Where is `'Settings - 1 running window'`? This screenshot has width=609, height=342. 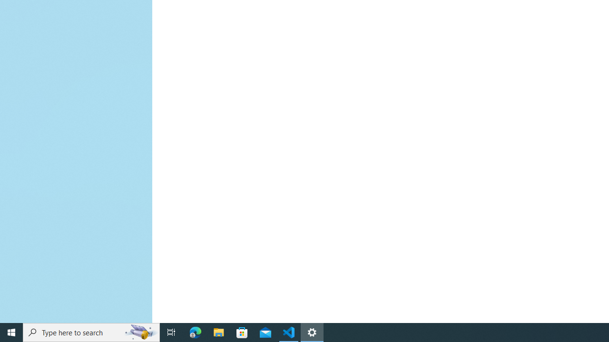
'Settings - 1 running window' is located at coordinates (312, 332).